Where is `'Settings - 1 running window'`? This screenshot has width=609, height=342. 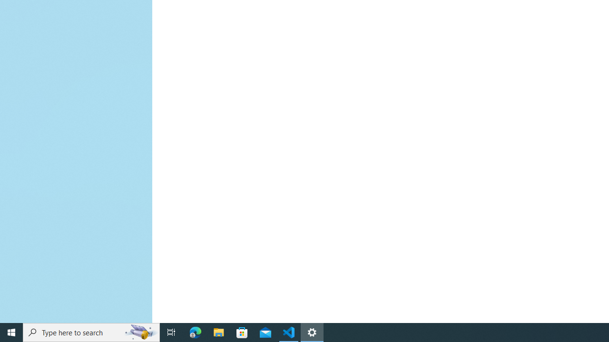
'Settings - 1 running window' is located at coordinates (312, 332).